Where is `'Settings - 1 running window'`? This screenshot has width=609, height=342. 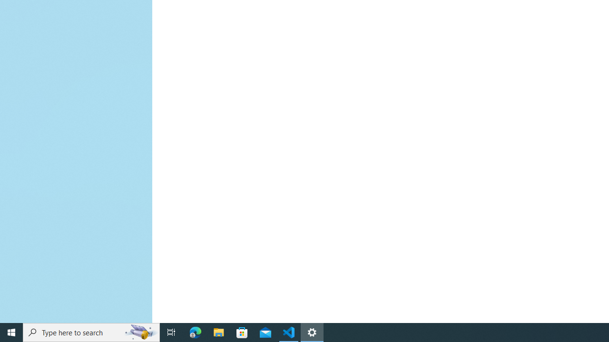
'Settings - 1 running window' is located at coordinates (312, 332).